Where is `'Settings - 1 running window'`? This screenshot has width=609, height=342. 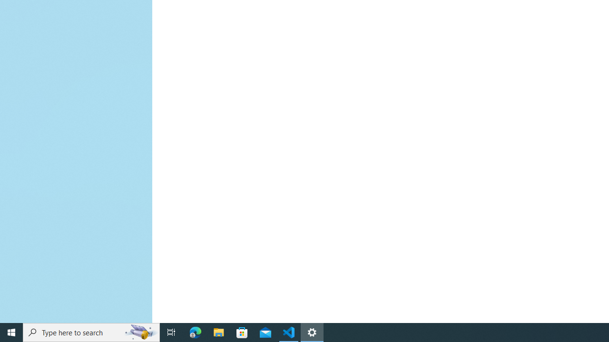
'Settings - 1 running window' is located at coordinates (312, 332).